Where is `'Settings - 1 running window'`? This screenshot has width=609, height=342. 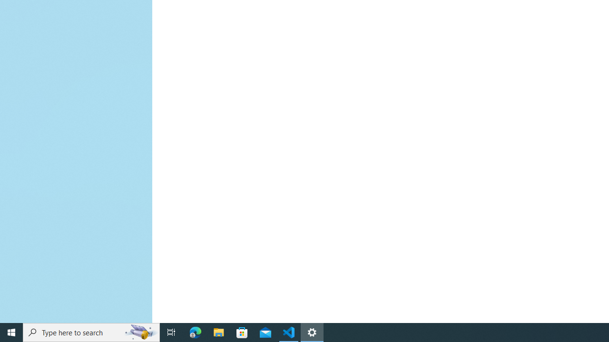
'Settings - 1 running window' is located at coordinates (312, 332).